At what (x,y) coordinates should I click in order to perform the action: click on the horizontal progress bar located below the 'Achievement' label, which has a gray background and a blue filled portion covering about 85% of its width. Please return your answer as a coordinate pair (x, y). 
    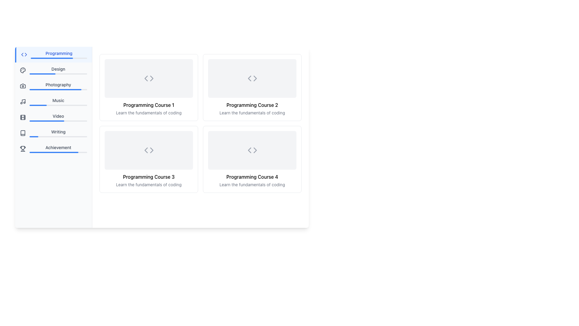
    Looking at the image, I should click on (58, 152).